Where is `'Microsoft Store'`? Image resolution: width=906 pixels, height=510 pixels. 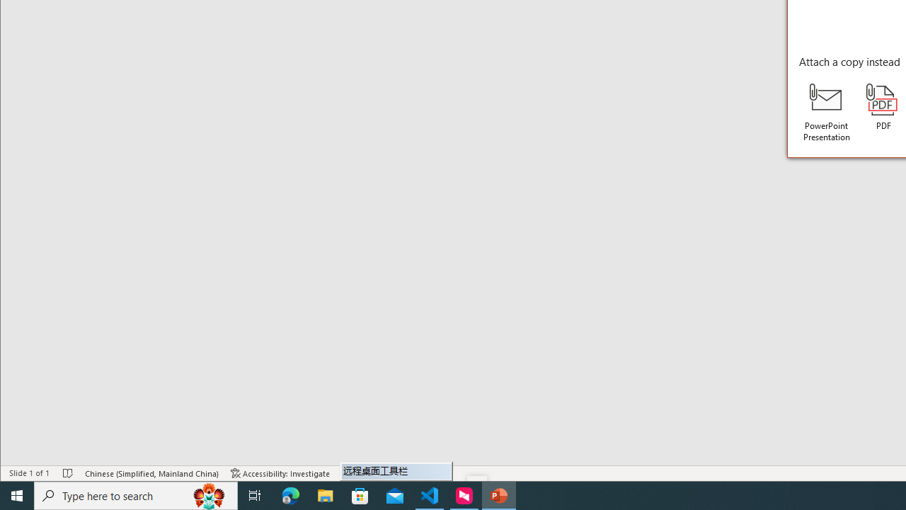
'Microsoft Store' is located at coordinates (360, 494).